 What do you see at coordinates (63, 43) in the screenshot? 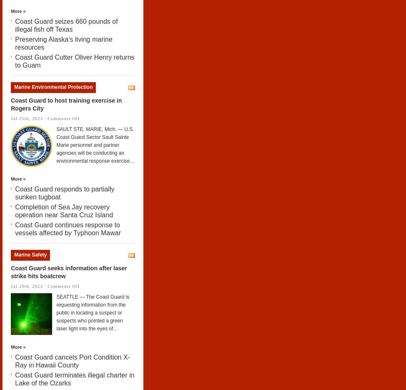
I see `'Preserving Alaska’s living marine resources'` at bounding box center [63, 43].